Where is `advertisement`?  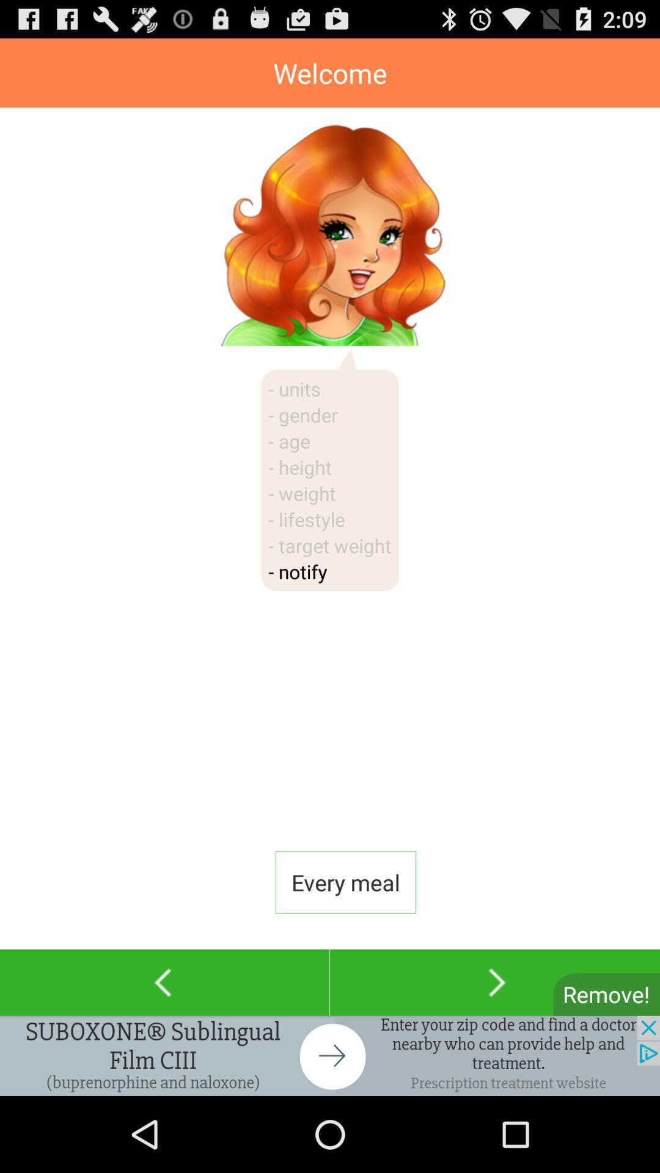 advertisement is located at coordinates (330, 1055).